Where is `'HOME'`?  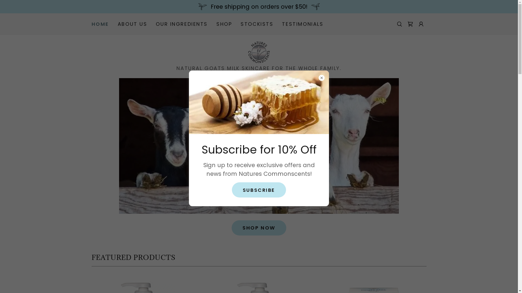 'HOME' is located at coordinates (100, 24).